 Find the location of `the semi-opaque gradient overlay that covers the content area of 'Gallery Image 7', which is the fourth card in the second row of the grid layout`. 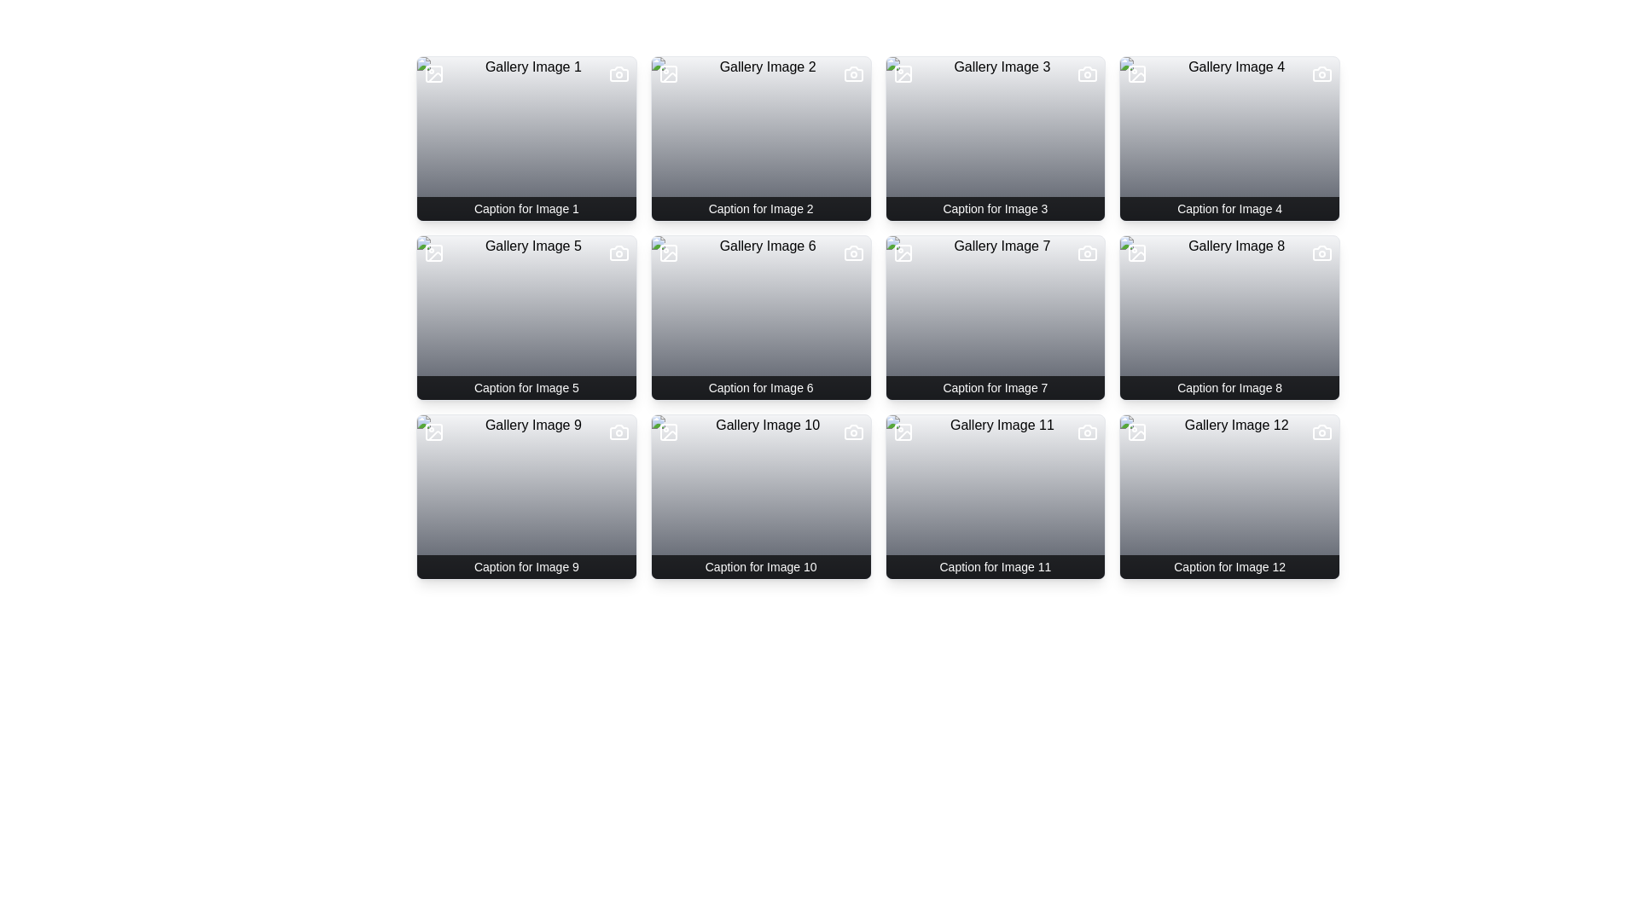

the semi-opaque gradient overlay that covers the content area of 'Gallery Image 7', which is the fourth card in the second row of the grid layout is located at coordinates (995, 318).